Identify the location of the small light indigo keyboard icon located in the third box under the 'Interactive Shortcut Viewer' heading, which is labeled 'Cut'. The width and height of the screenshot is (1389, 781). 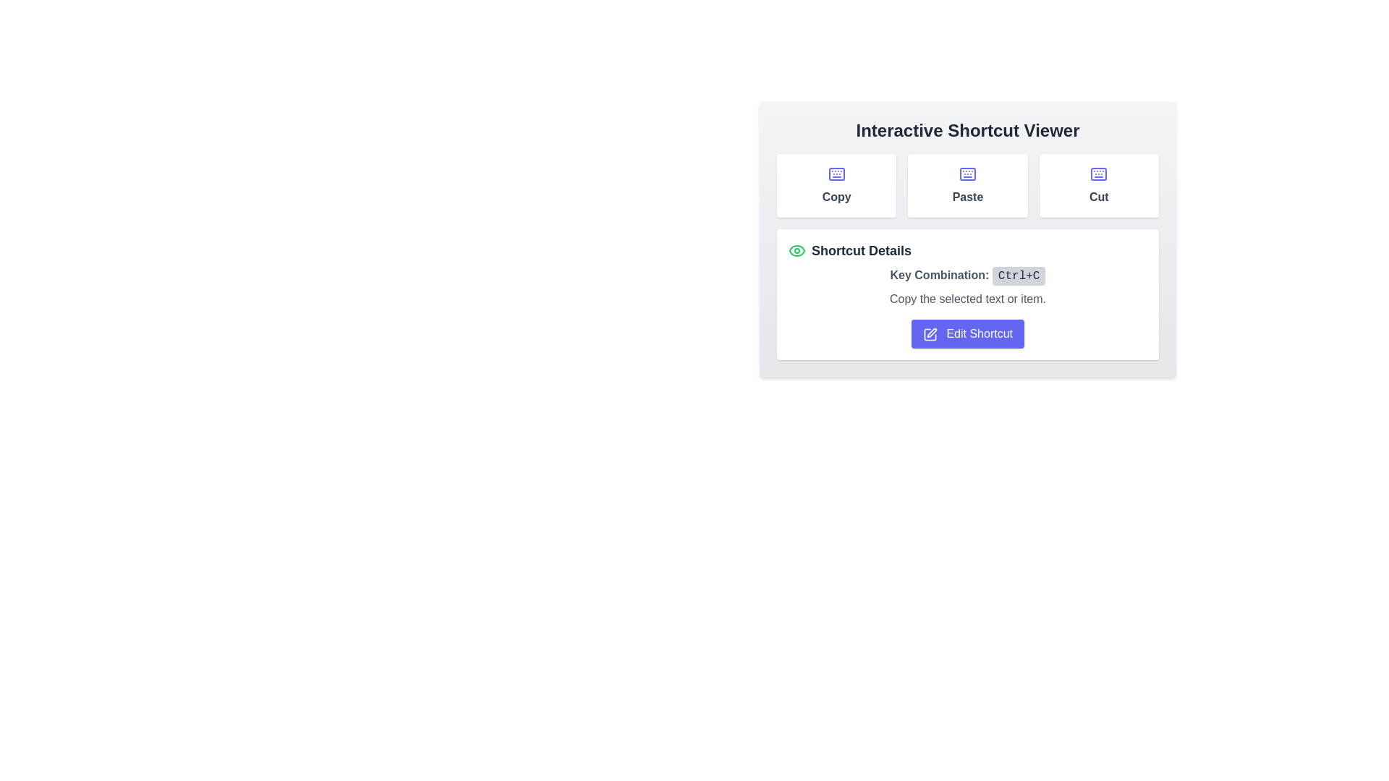
(1099, 173).